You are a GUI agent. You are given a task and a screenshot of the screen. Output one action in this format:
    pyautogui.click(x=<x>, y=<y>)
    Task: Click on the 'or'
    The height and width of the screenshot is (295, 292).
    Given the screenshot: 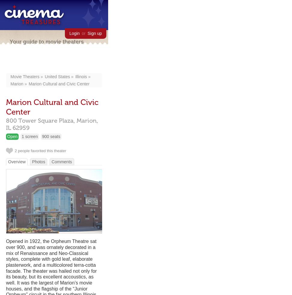 What is the action you would take?
    pyautogui.click(x=83, y=33)
    